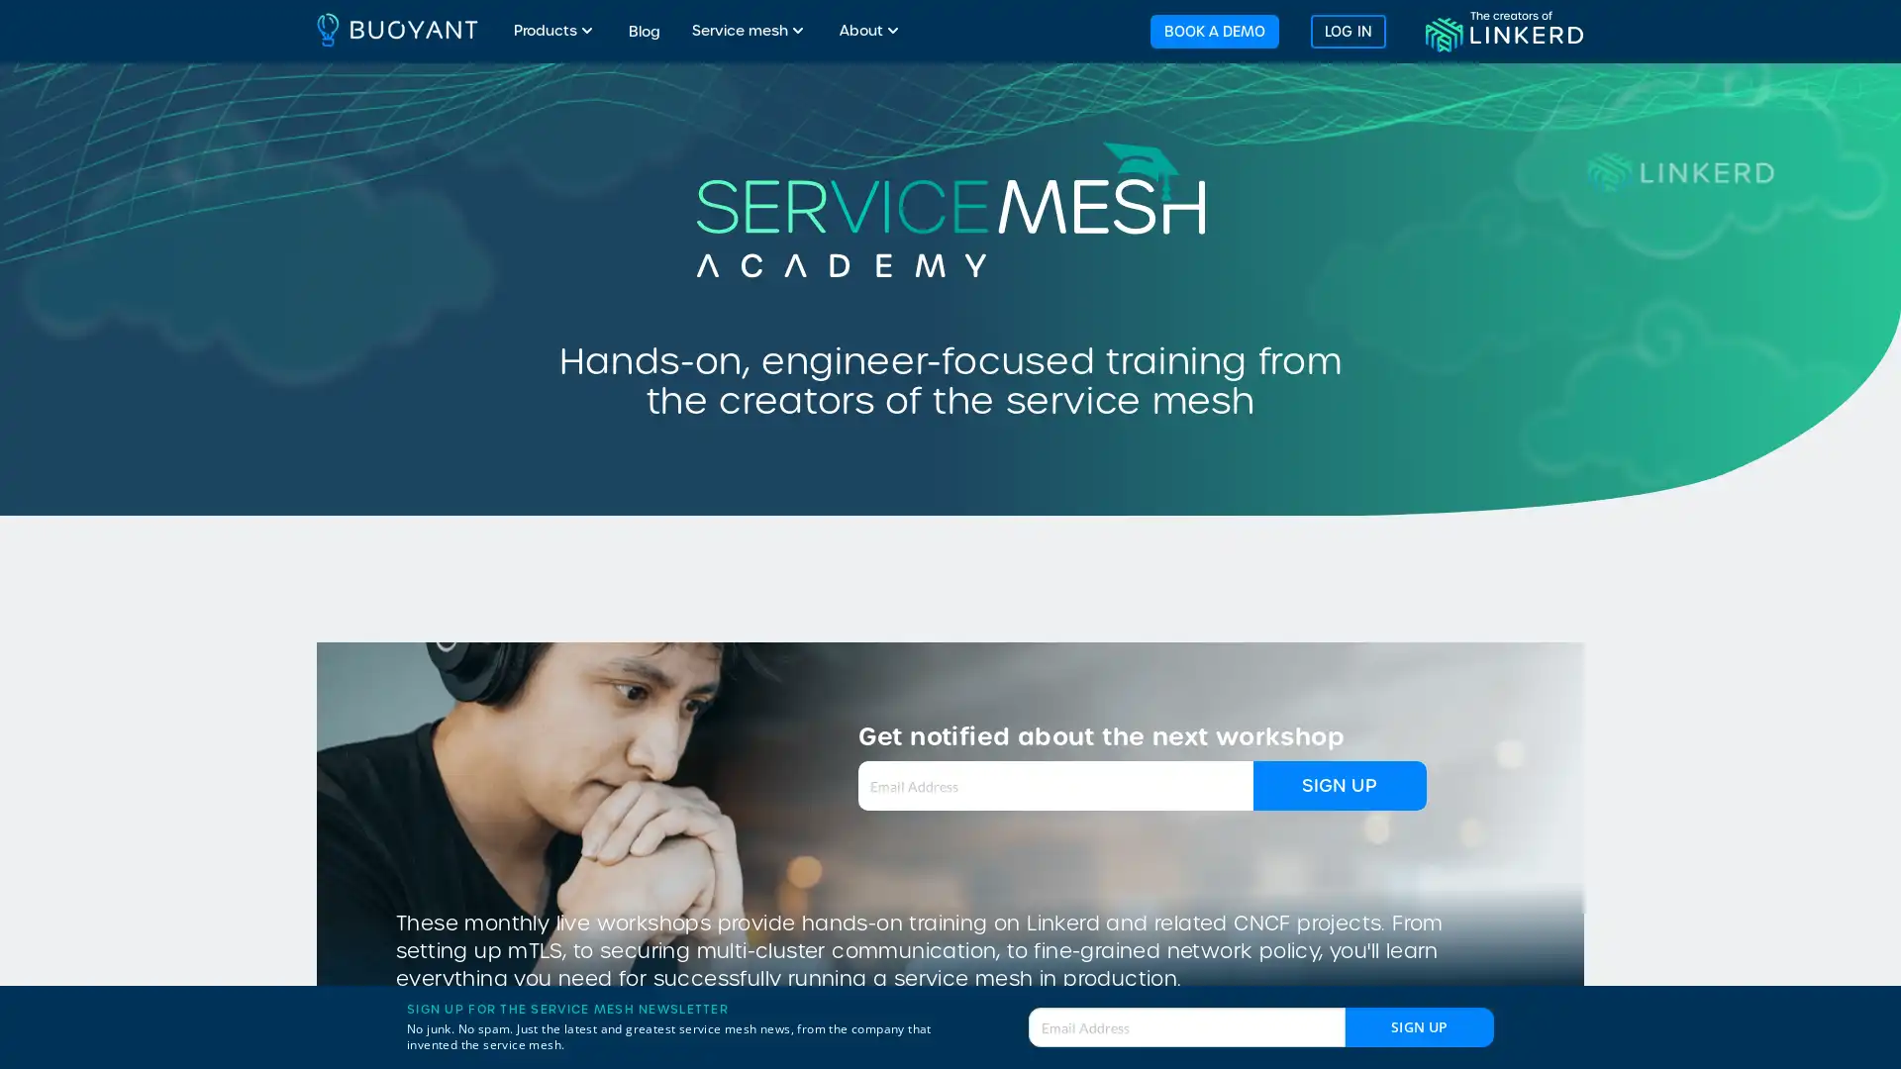 Image resolution: width=1901 pixels, height=1069 pixels. What do you see at coordinates (1339, 785) in the screenshot?
I see `Sign up` at bounding box center [1339, 785].